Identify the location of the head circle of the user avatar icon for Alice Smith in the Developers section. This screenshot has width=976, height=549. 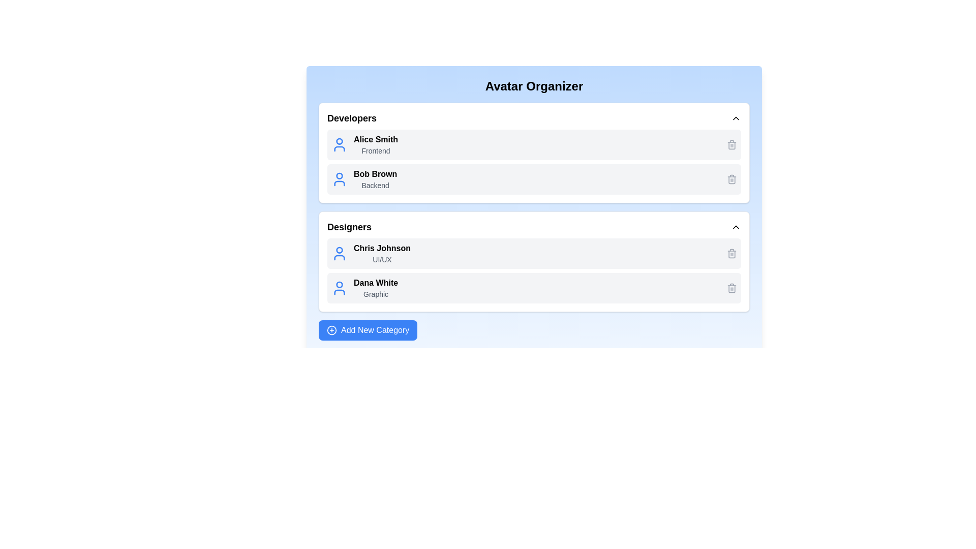
(339, 141).